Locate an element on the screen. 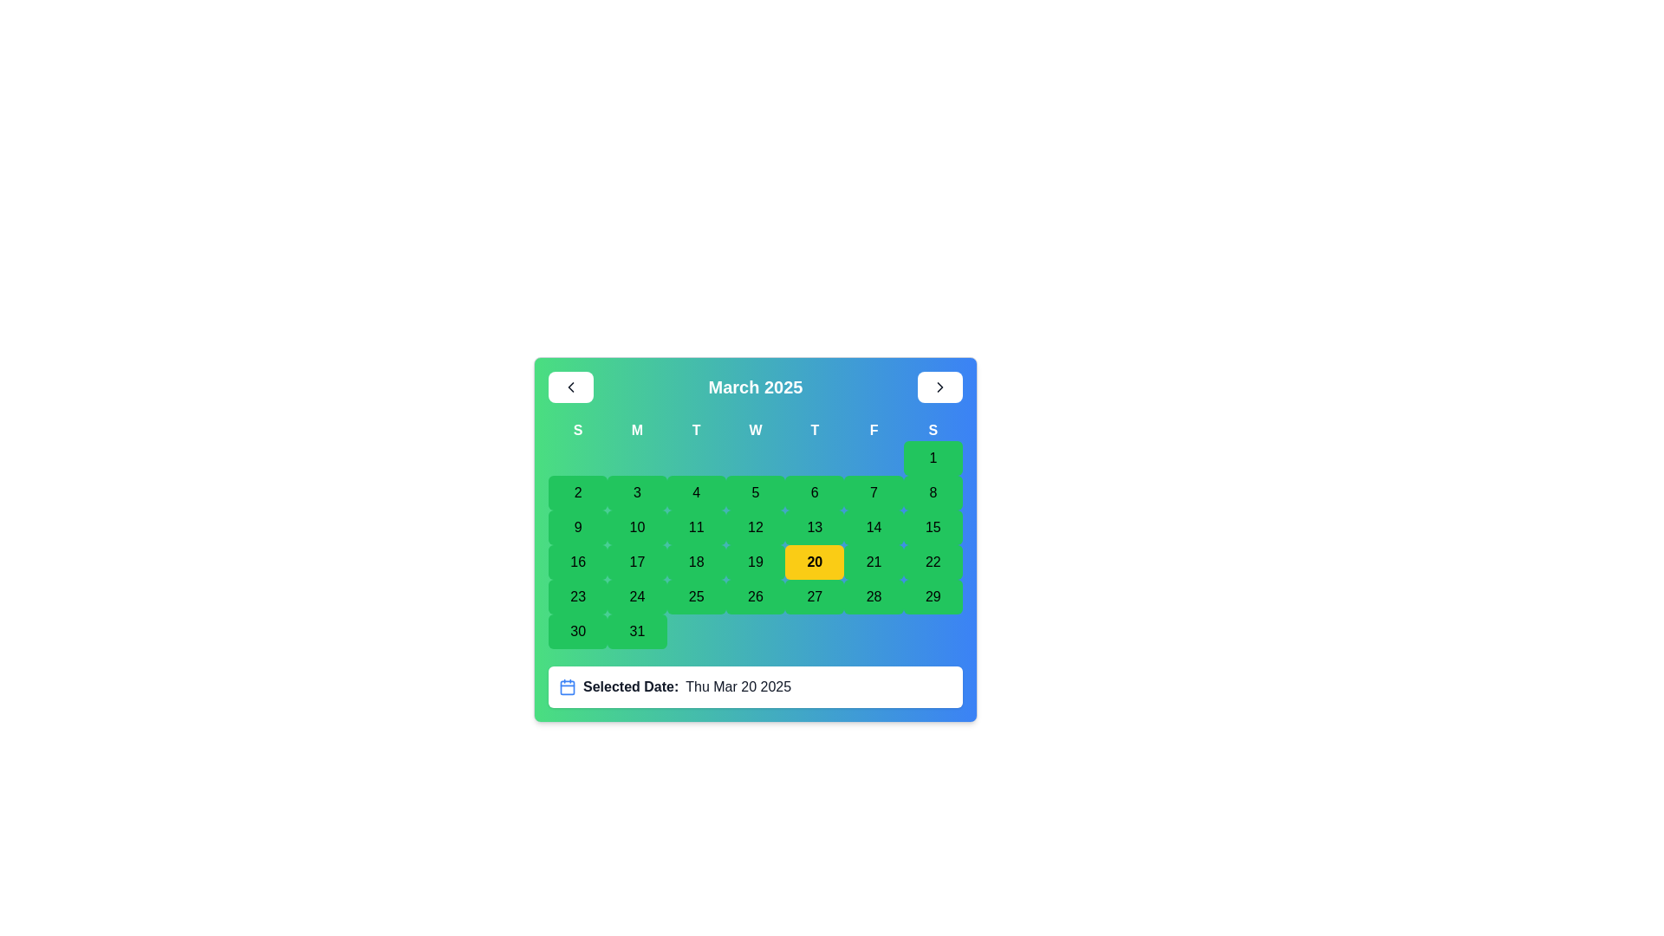  the green button with the number '23' centered in bold black font is located at coordinates (578, 596).